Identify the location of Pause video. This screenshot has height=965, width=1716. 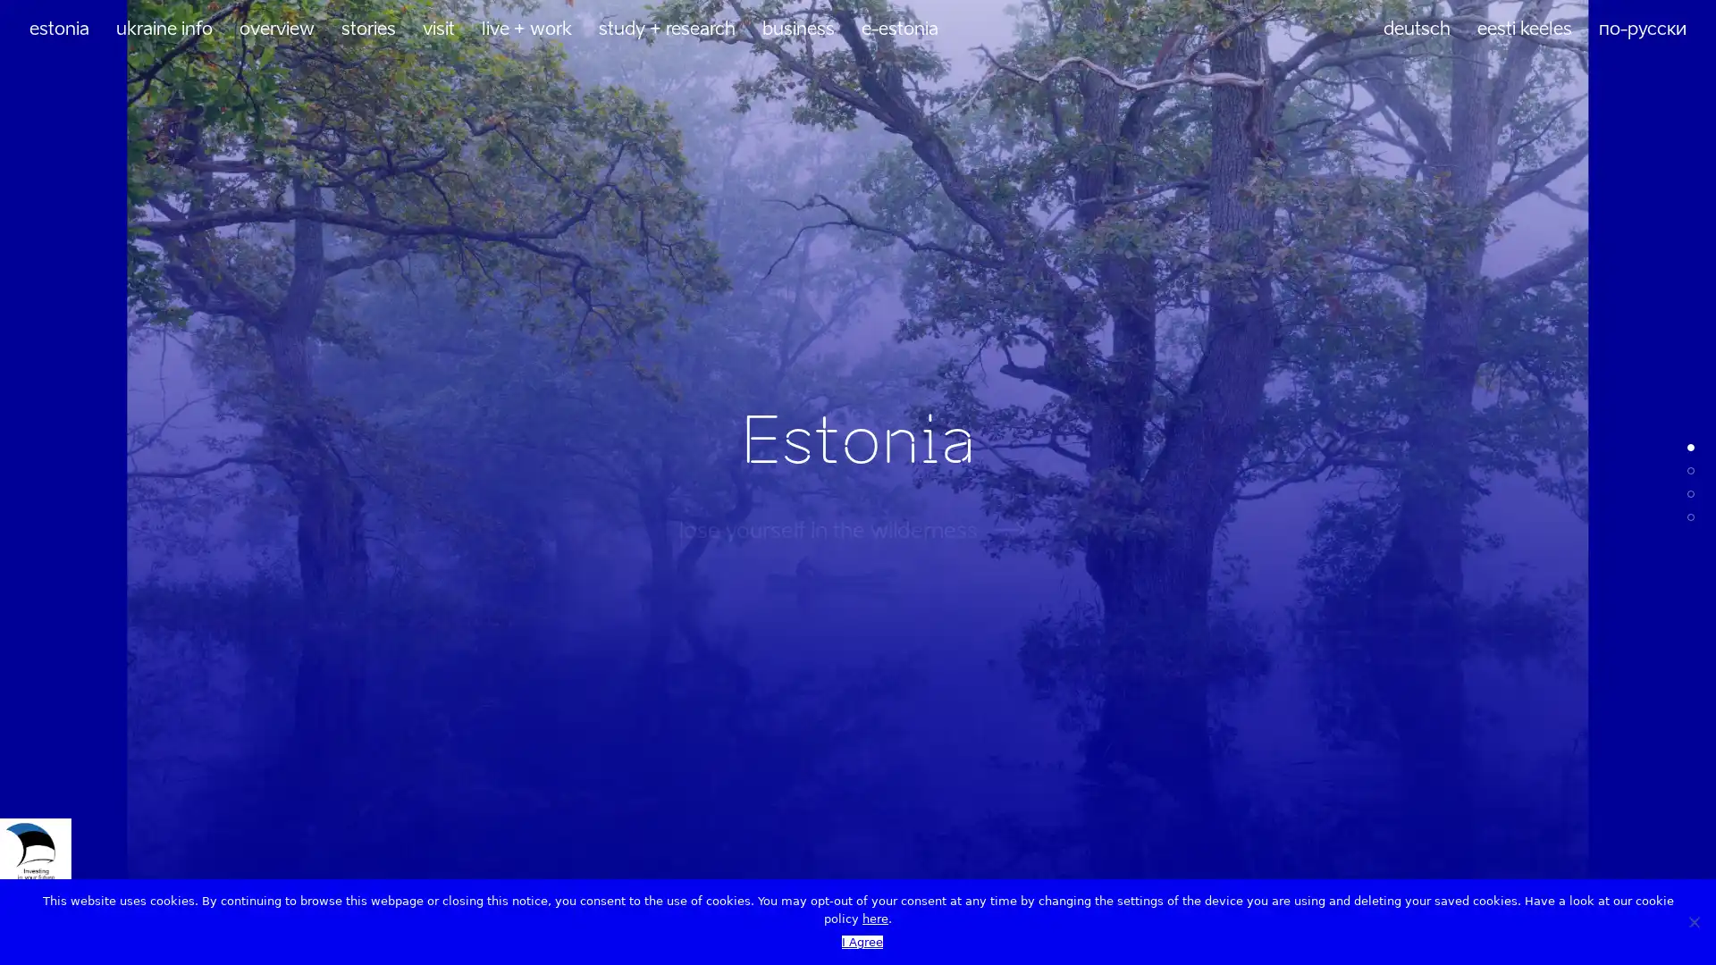
(1652, 913).